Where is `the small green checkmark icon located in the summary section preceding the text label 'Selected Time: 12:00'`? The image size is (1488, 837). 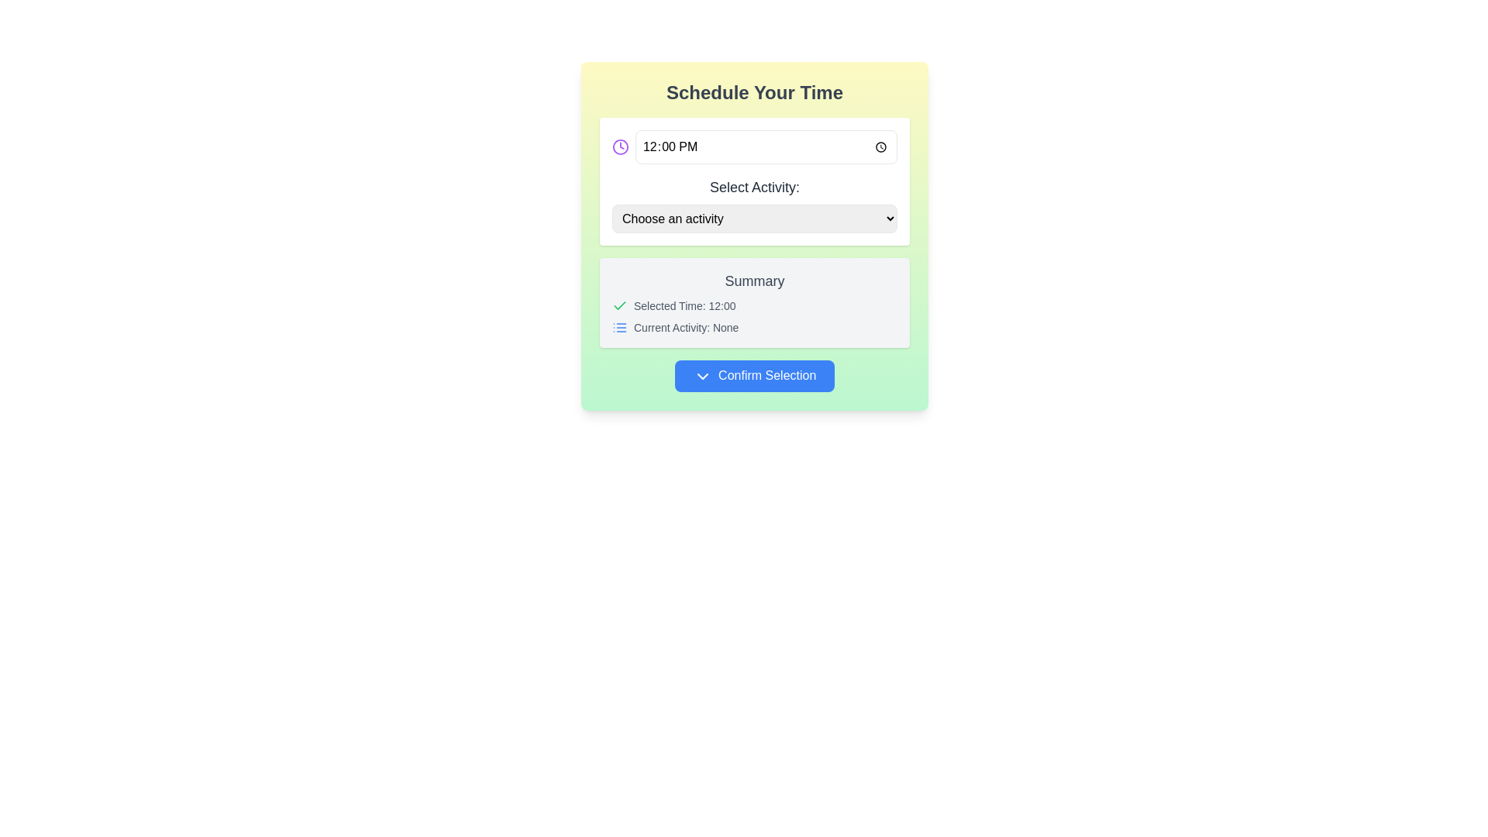 the small green checkmark icon located in the summary section preceding the text label 'Selected Time: 12:00' is located at coordinates (620, 305).